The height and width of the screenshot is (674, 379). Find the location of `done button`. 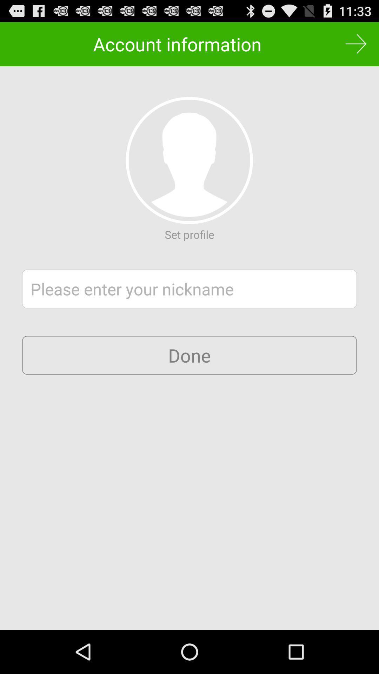

done button is located at coordinates (189, 355).